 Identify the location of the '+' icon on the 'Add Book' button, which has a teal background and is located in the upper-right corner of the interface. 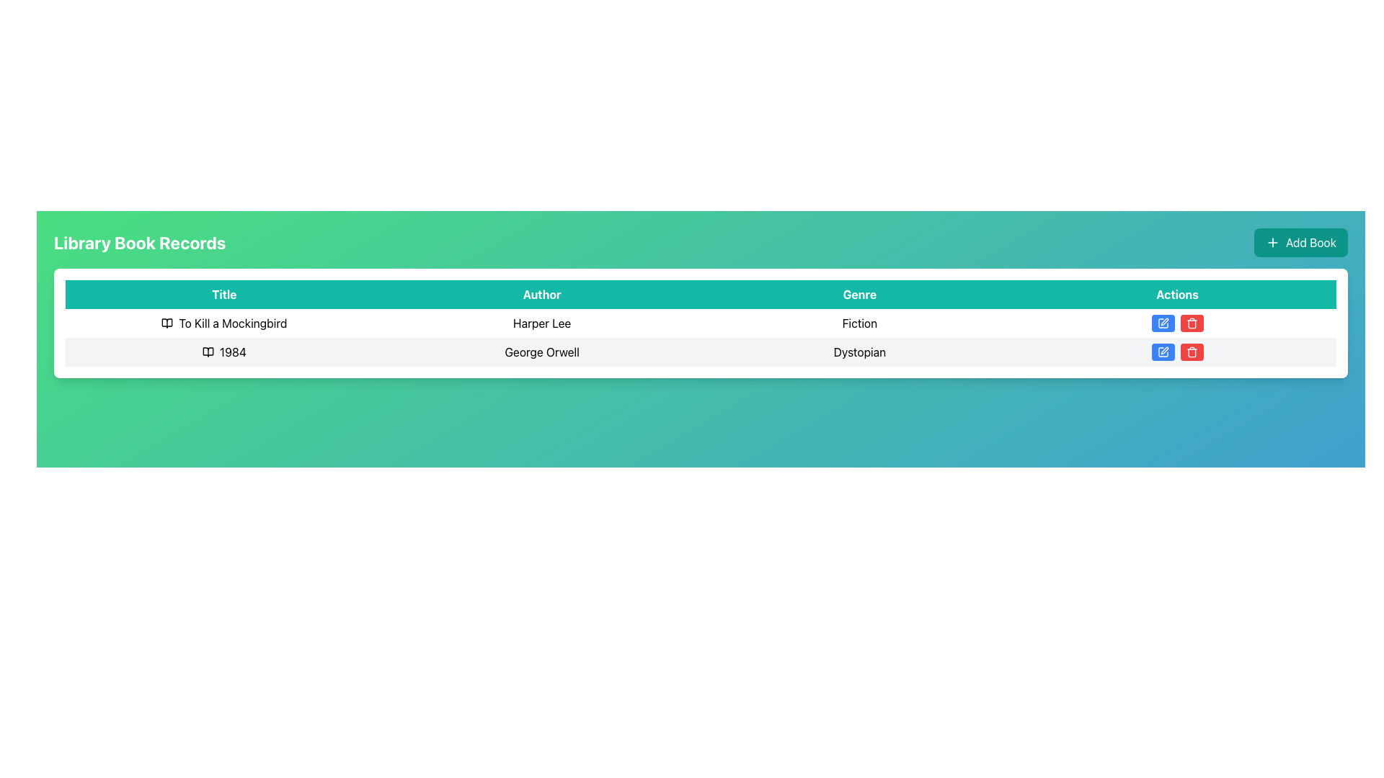
(1273, 241).